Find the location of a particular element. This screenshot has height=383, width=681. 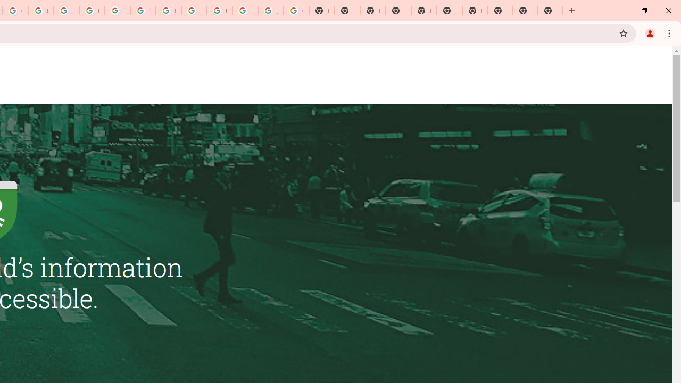

'YouTube' is located at coordinates (142, 11).